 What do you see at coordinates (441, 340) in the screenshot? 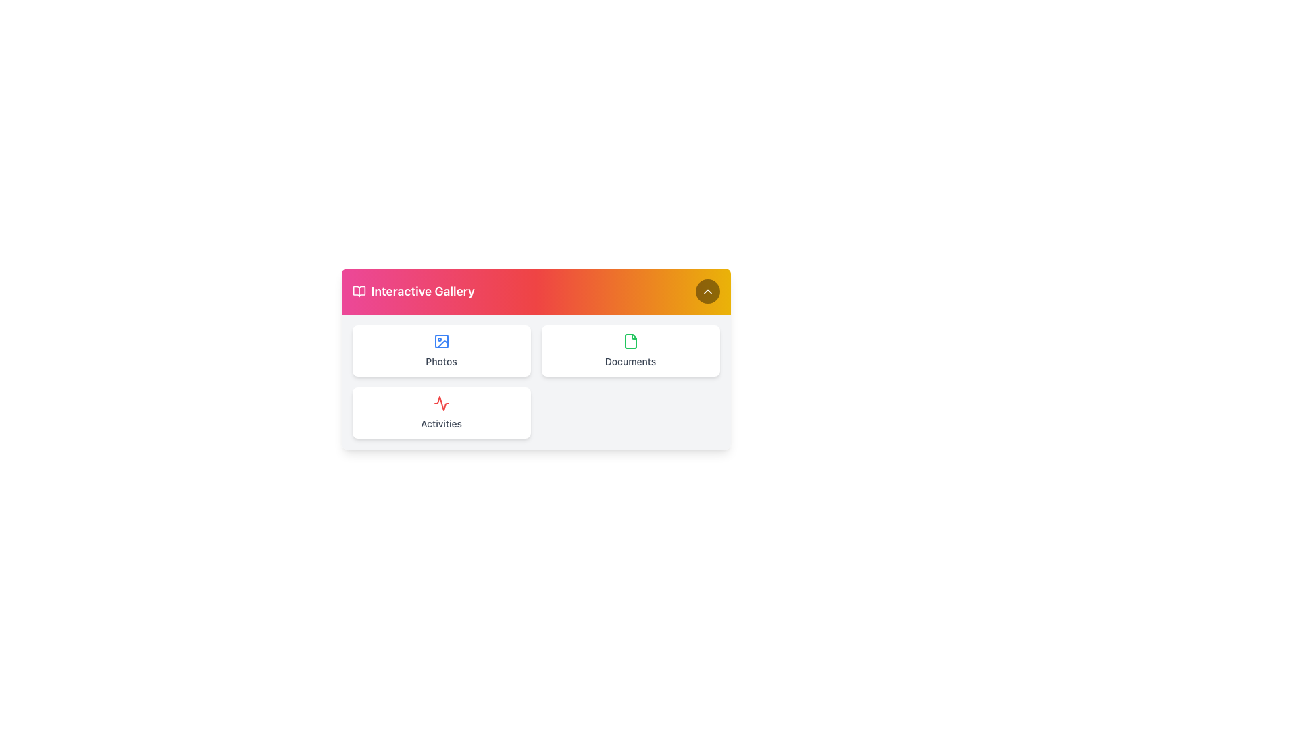
I see `the graphic rectangle within the 'Photos' button` at bounding box center [441, 340].